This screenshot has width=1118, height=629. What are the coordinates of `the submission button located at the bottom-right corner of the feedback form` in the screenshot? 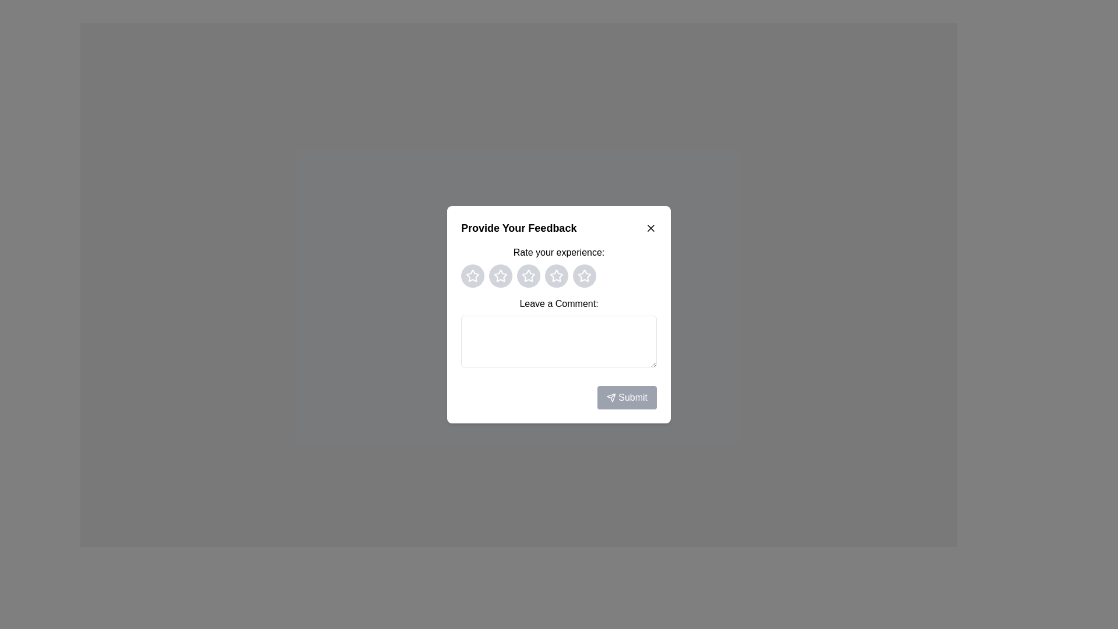 It's located at (559, 397).